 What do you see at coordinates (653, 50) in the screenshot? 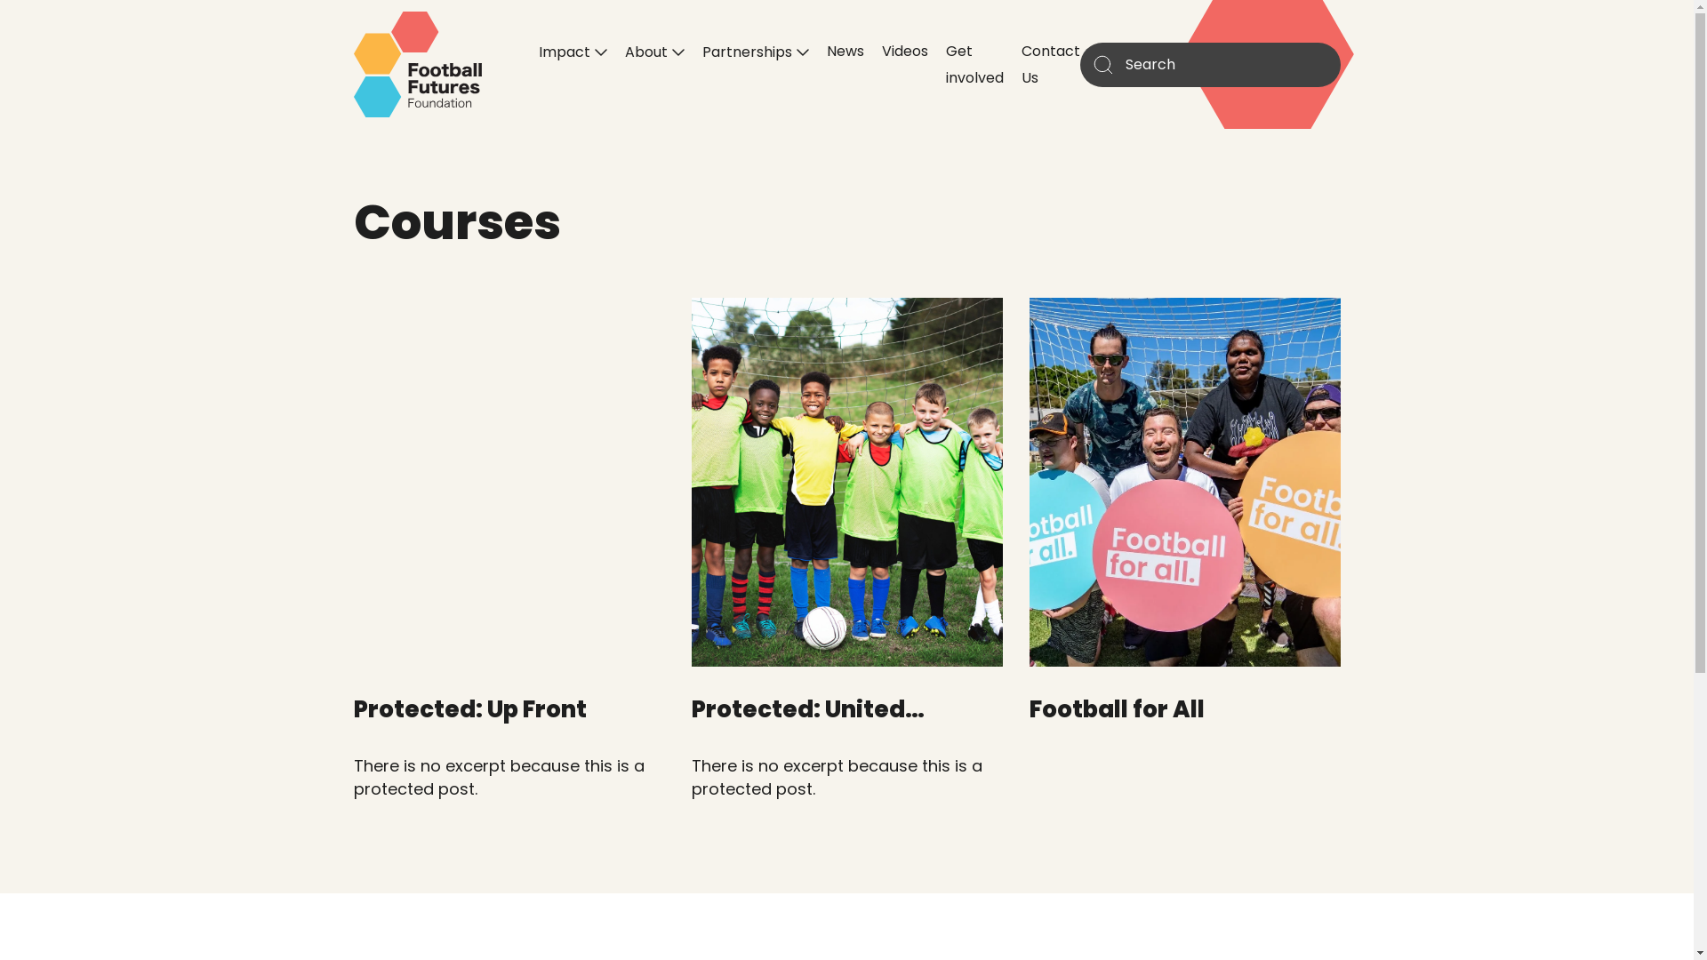
I see `'About'` at bounding box center [653, 50].